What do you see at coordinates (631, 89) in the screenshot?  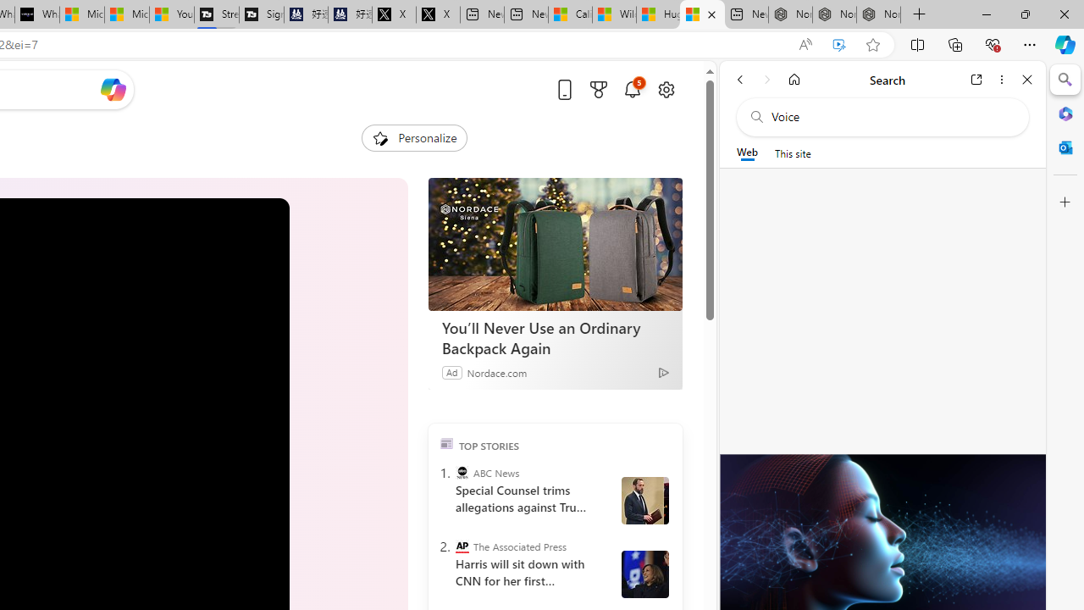 I see `'Notifications'` at bounding box center [631, 89].